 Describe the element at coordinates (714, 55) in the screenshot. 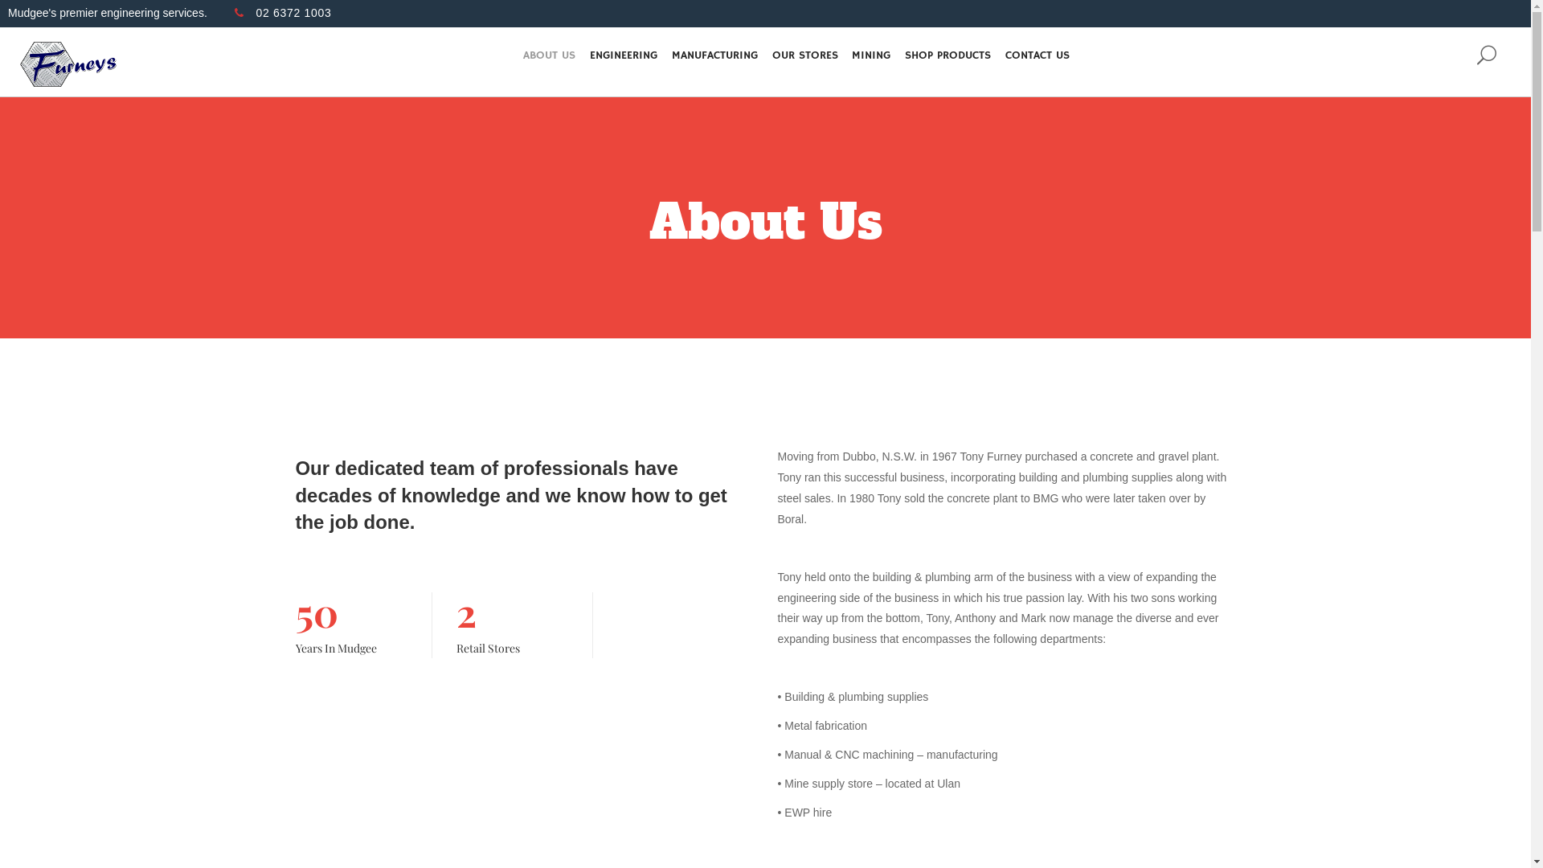

I see `'MANUFACTURING'` at that location.